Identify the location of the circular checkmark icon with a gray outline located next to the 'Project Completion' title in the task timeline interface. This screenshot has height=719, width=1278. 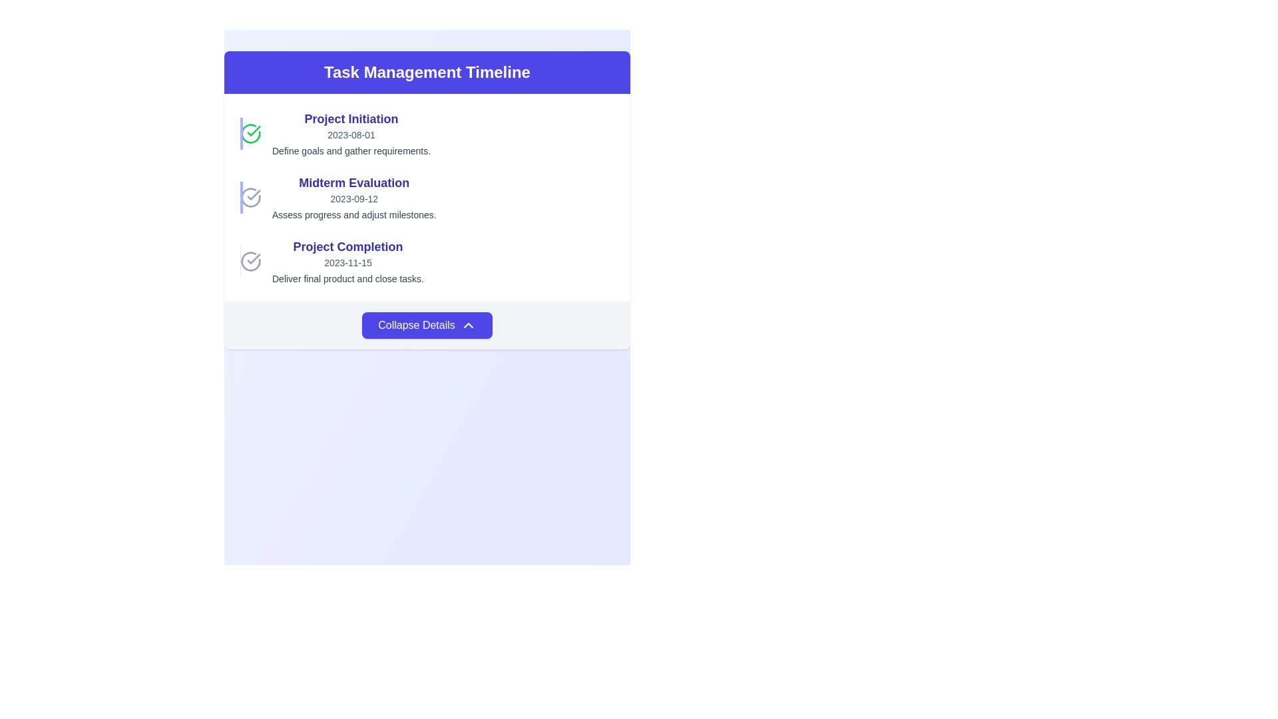
(251, 262).